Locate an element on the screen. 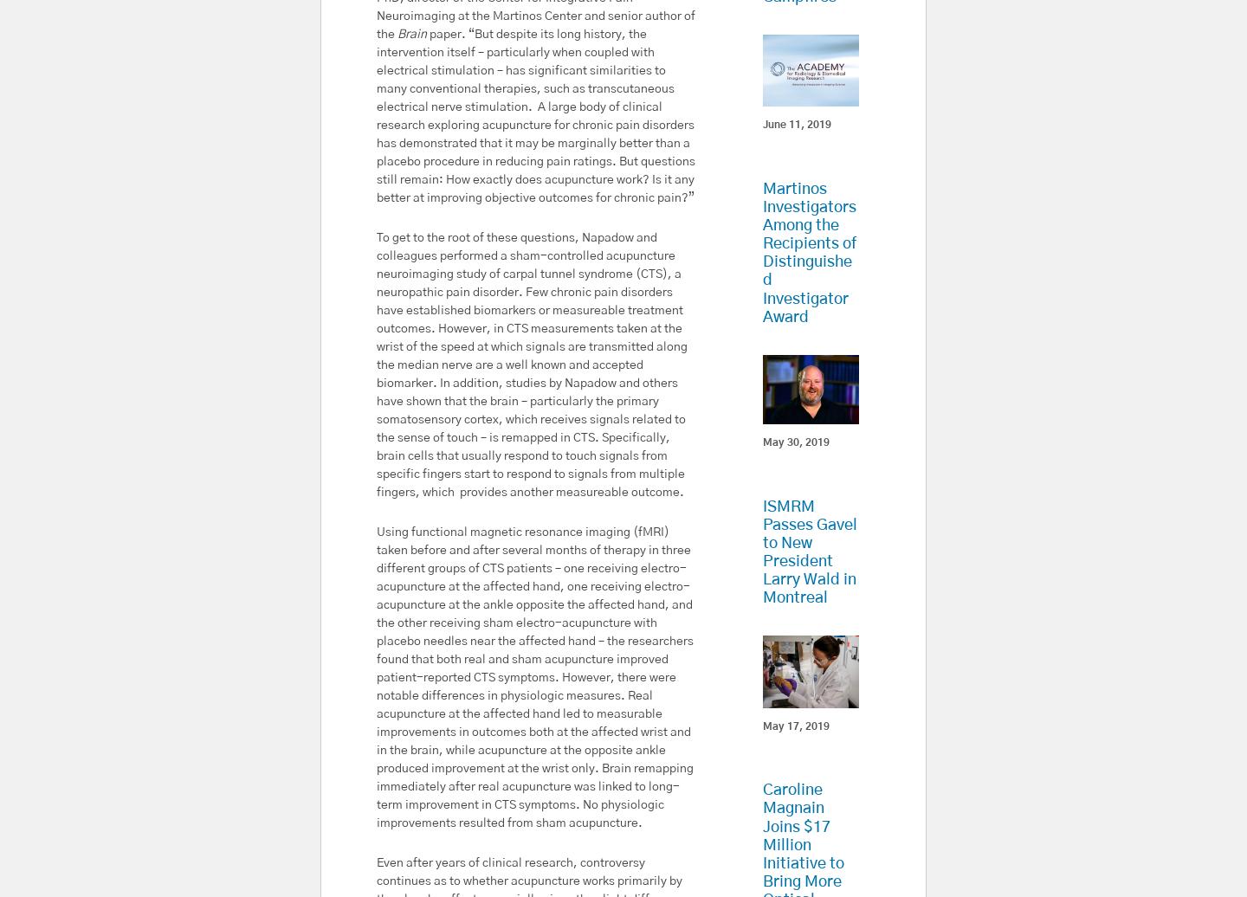  'June 11, 2019' is located at coordinates (796, 125).